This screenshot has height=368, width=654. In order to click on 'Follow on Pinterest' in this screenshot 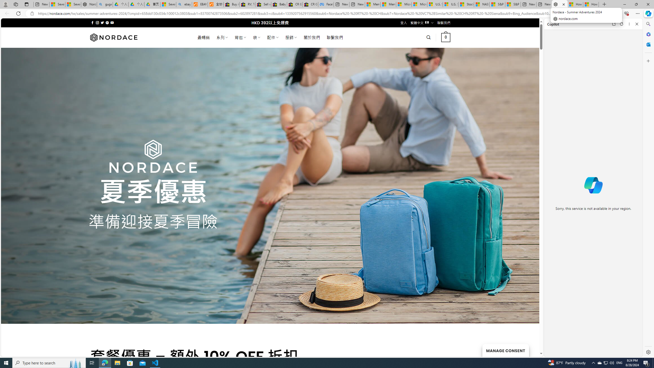, I will do `click(107, 22)`.